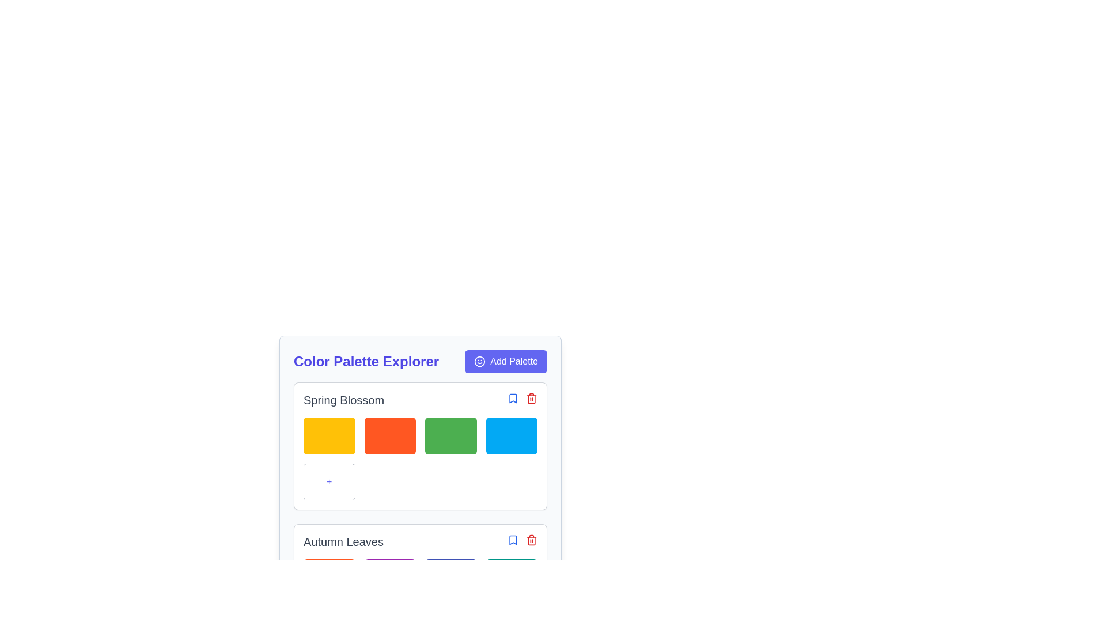  Describe the element at coordinates (419, 446) in the screenshot. I see `the third colored rectangular block representing the 'Spring Blossom' color in the color palette to interact with it` at that location.